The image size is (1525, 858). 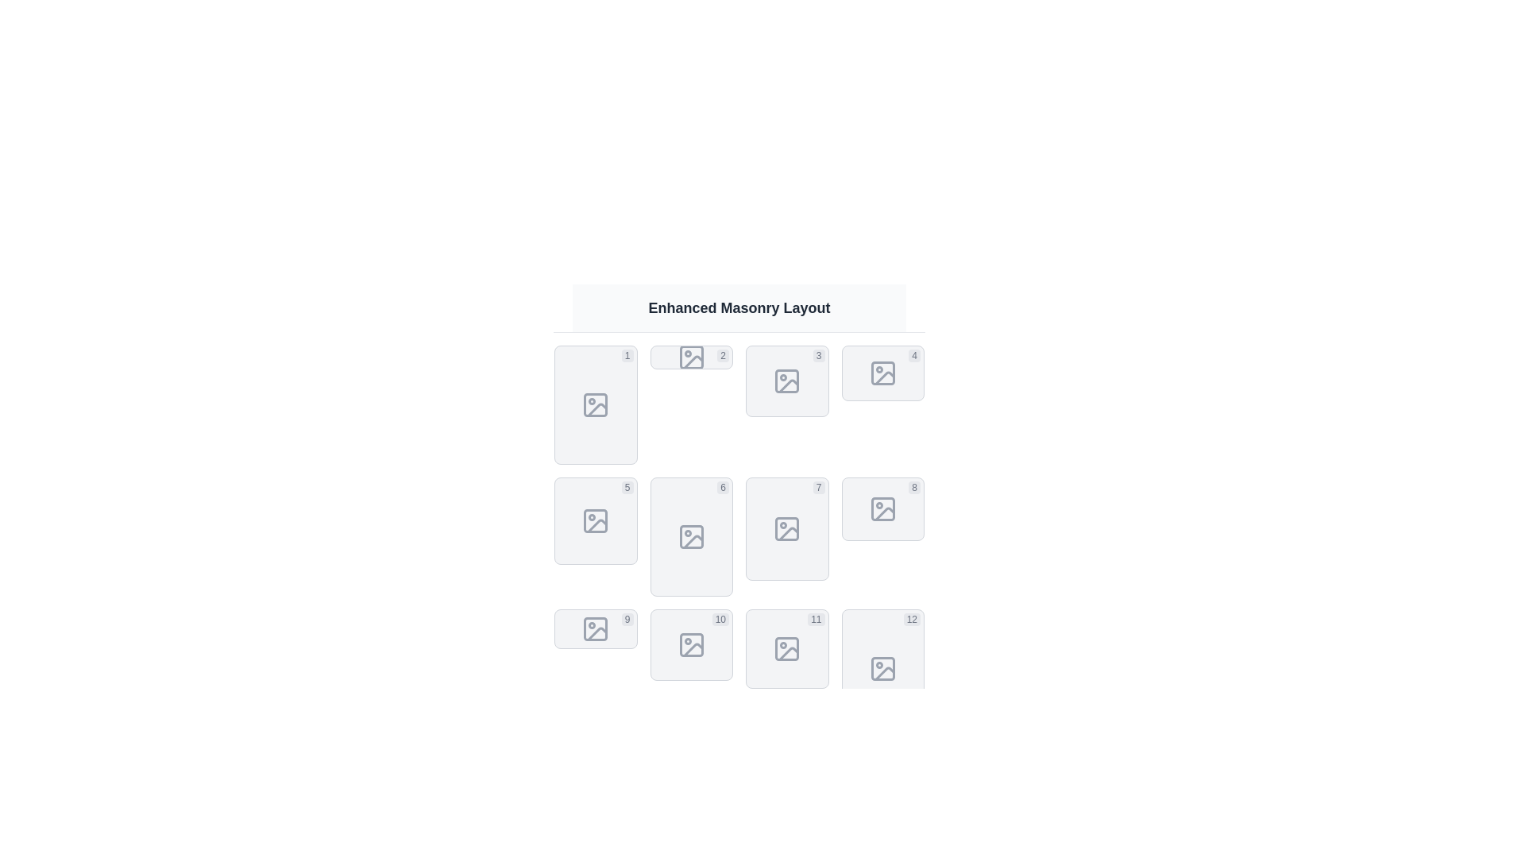 What do you see at coordinates (691, 357) in the screenshot?
I see `details of the graphical icon or image placeholder component located in the top-left corner of the smaller image placeholder icon in the second box of the grid titled 'Enhanced Masonry Layout'` at bounding box center [691, 357].